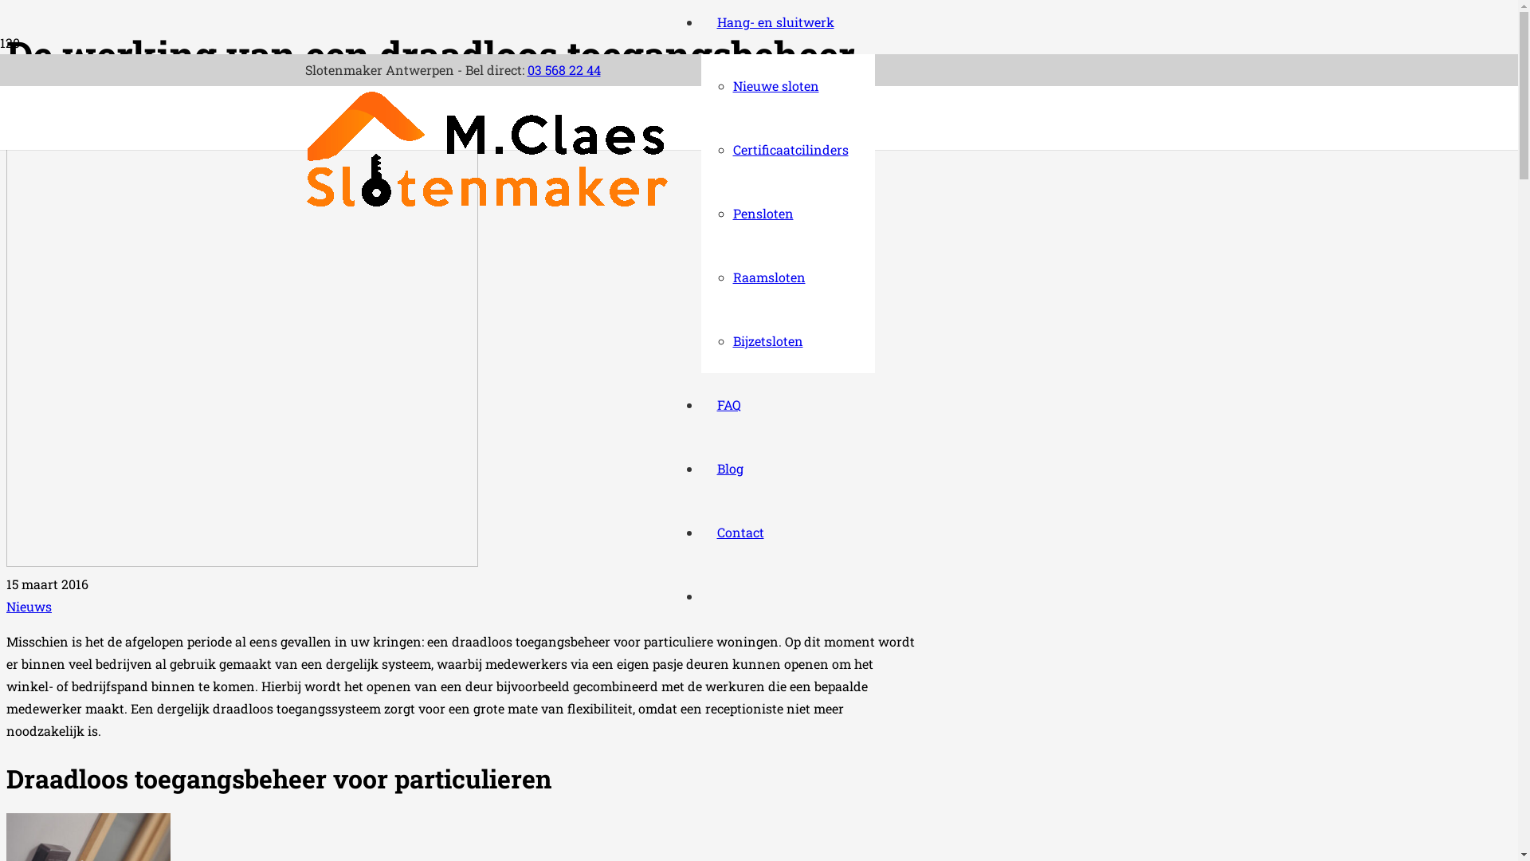  What do you see at coordinates (700, 22) in the screenshot?
I see `'Hang- en sluitwerk'` at bounding box center [700, 22].